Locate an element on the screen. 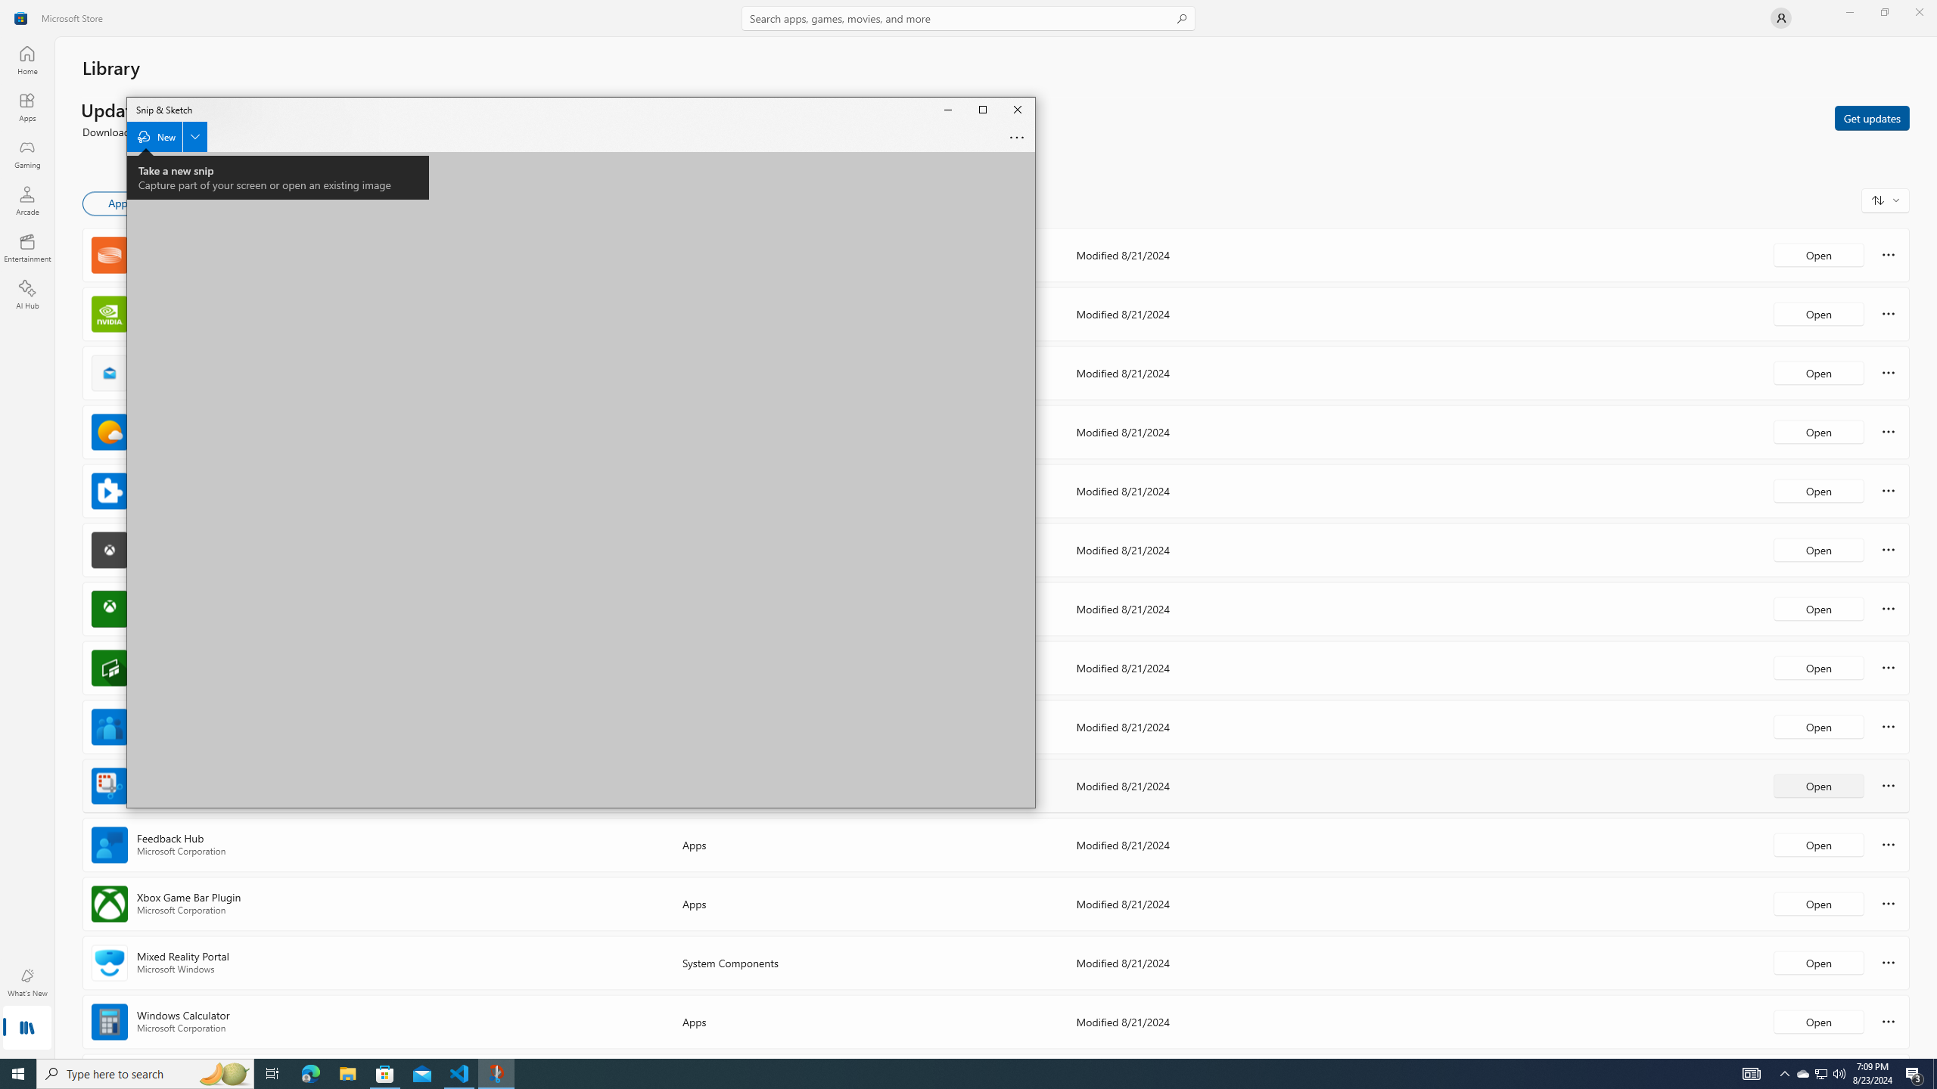 The height and width of the screenshot is (1089, 1937). 'Search highlights icon opens search home window' is located at coordinates (222, 1072).